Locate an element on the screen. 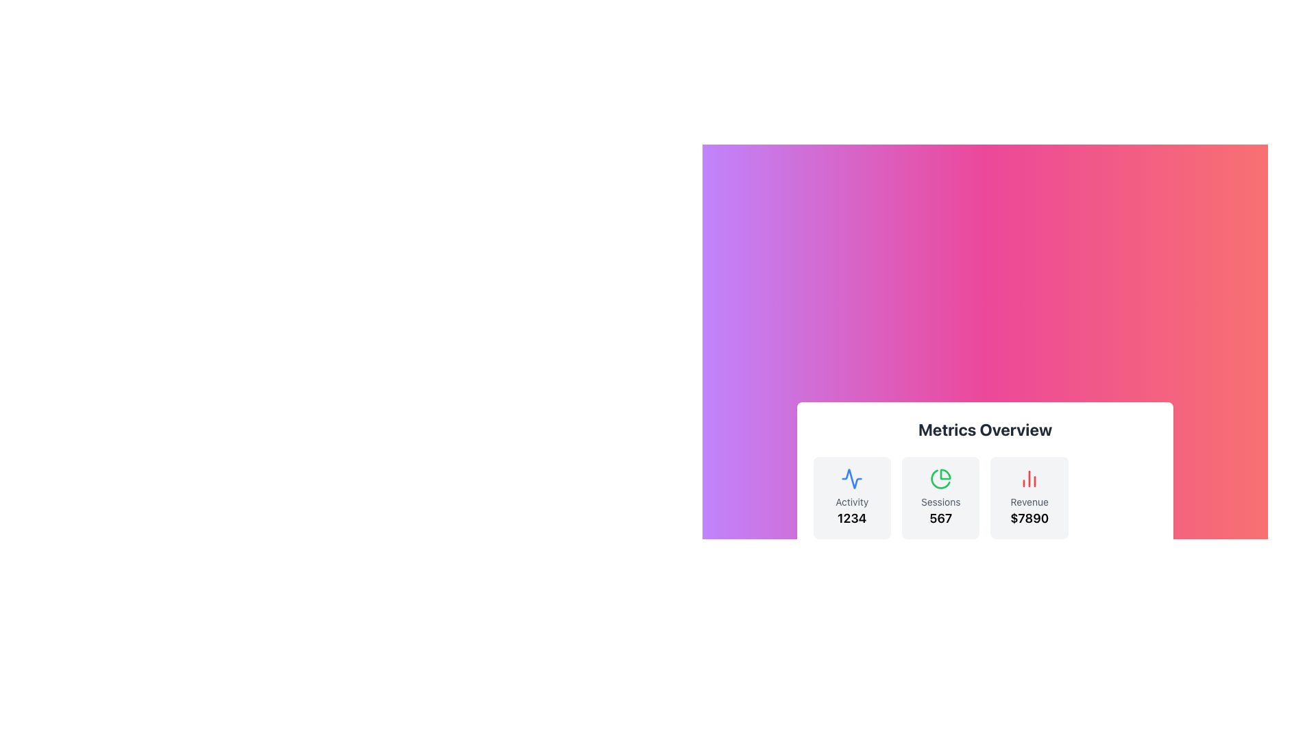 This screenshot has width=1316, height=740. the interactive sub-elements within the central summary dashboard card that displays metrics such as Activity count, Sessions count, and Revenue amount is located at coordinates (984, 515).